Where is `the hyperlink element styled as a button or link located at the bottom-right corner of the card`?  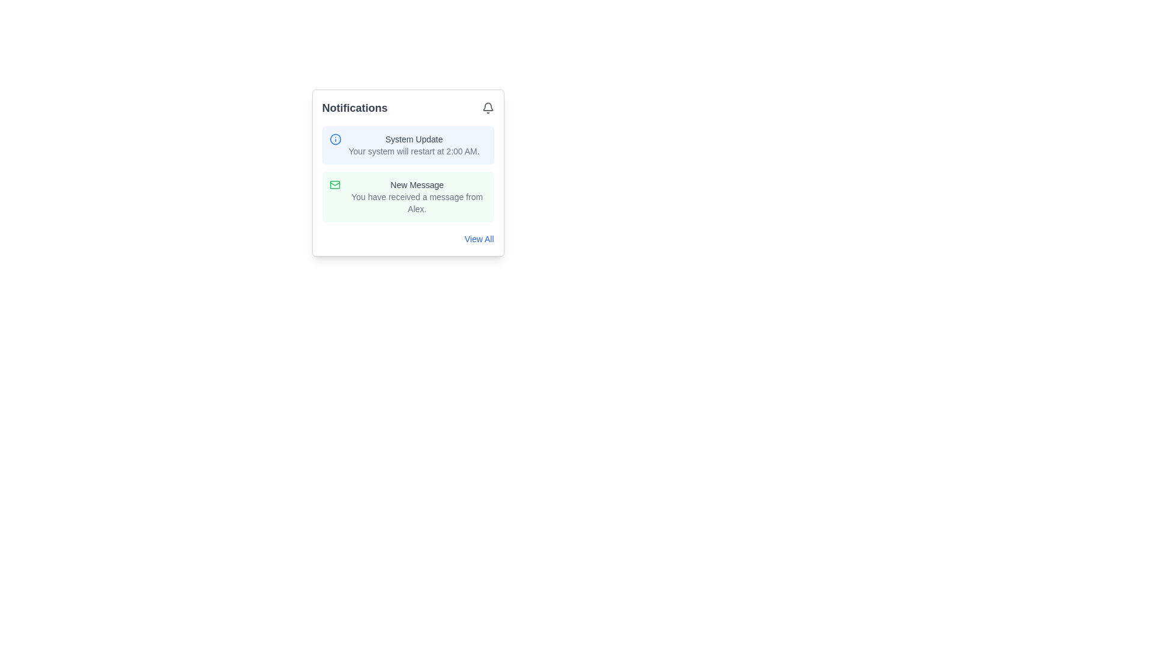
the hyperlink element styled as a button or link located at the bottom-right corner of the card is located at coordinates (408, 239).